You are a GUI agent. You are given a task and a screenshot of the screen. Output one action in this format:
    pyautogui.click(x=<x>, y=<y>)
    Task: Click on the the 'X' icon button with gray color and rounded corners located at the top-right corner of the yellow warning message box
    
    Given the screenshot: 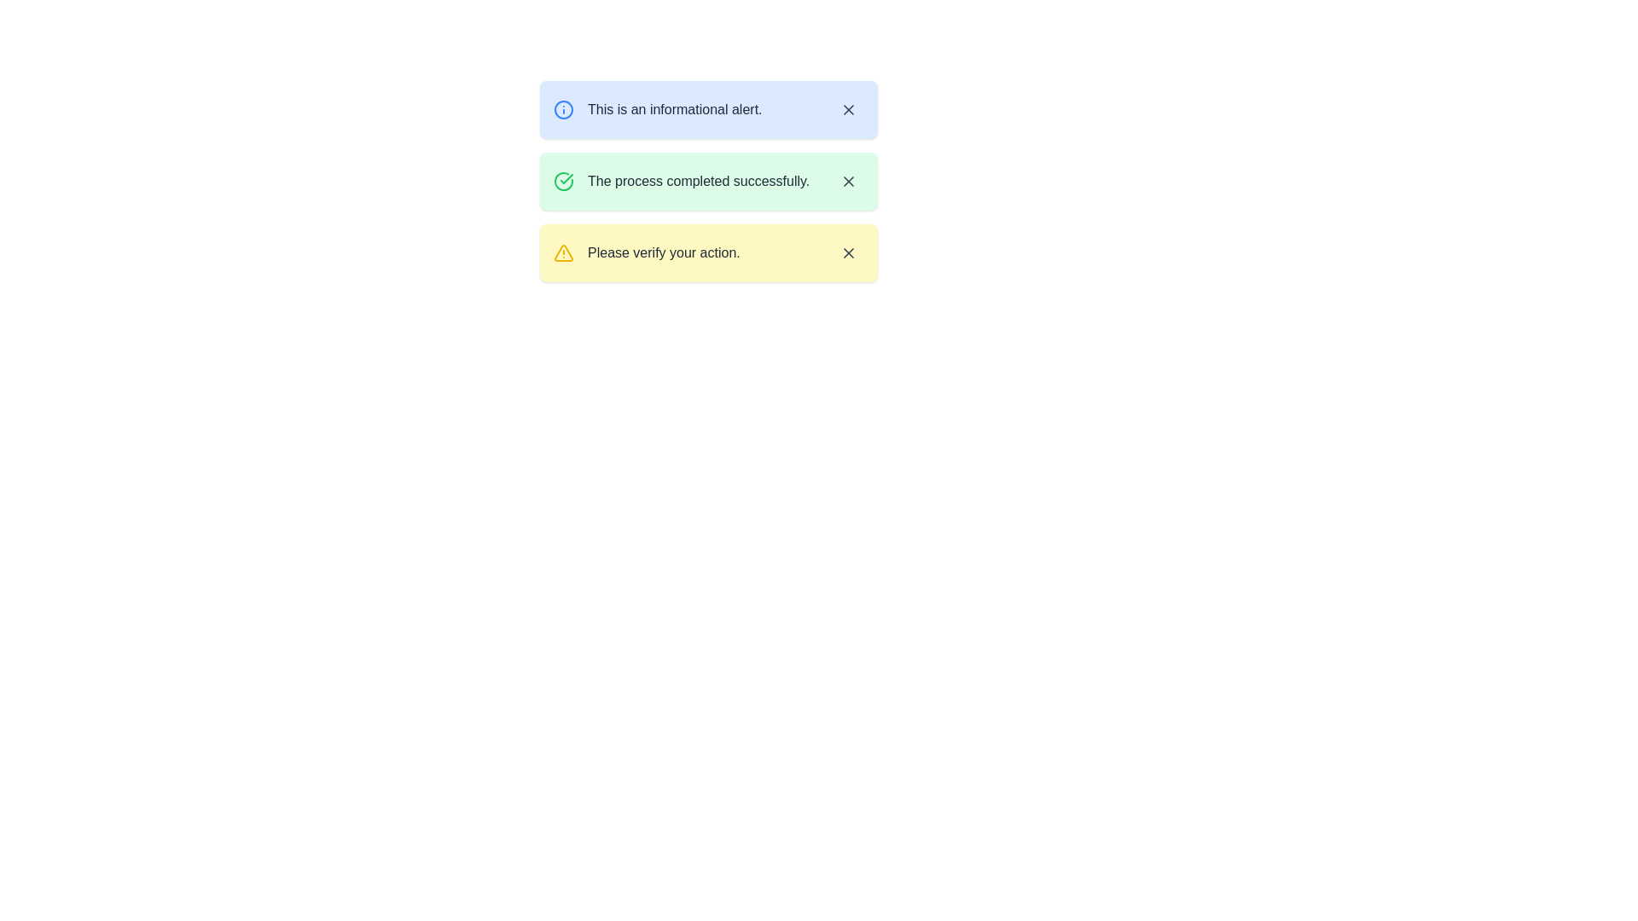 What is the action you would take?
    pyautogui.click(x=848, y=253)
    